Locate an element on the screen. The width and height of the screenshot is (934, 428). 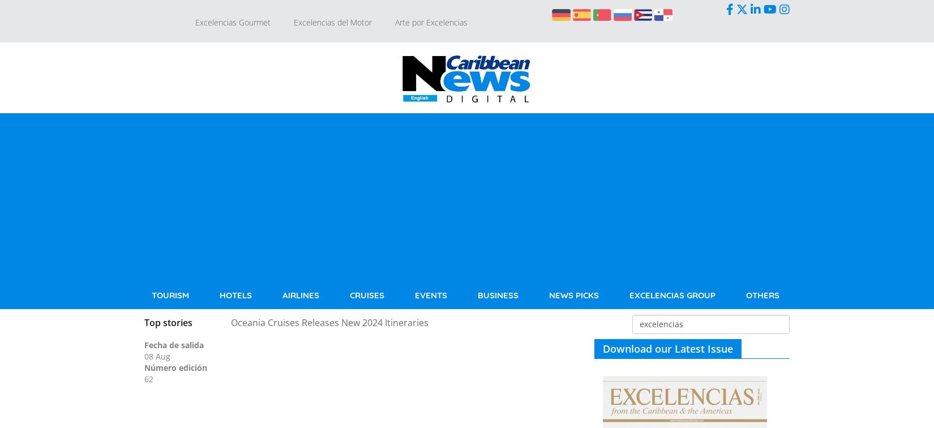
'Excelencias Group' is located at coordinates (672, 295).